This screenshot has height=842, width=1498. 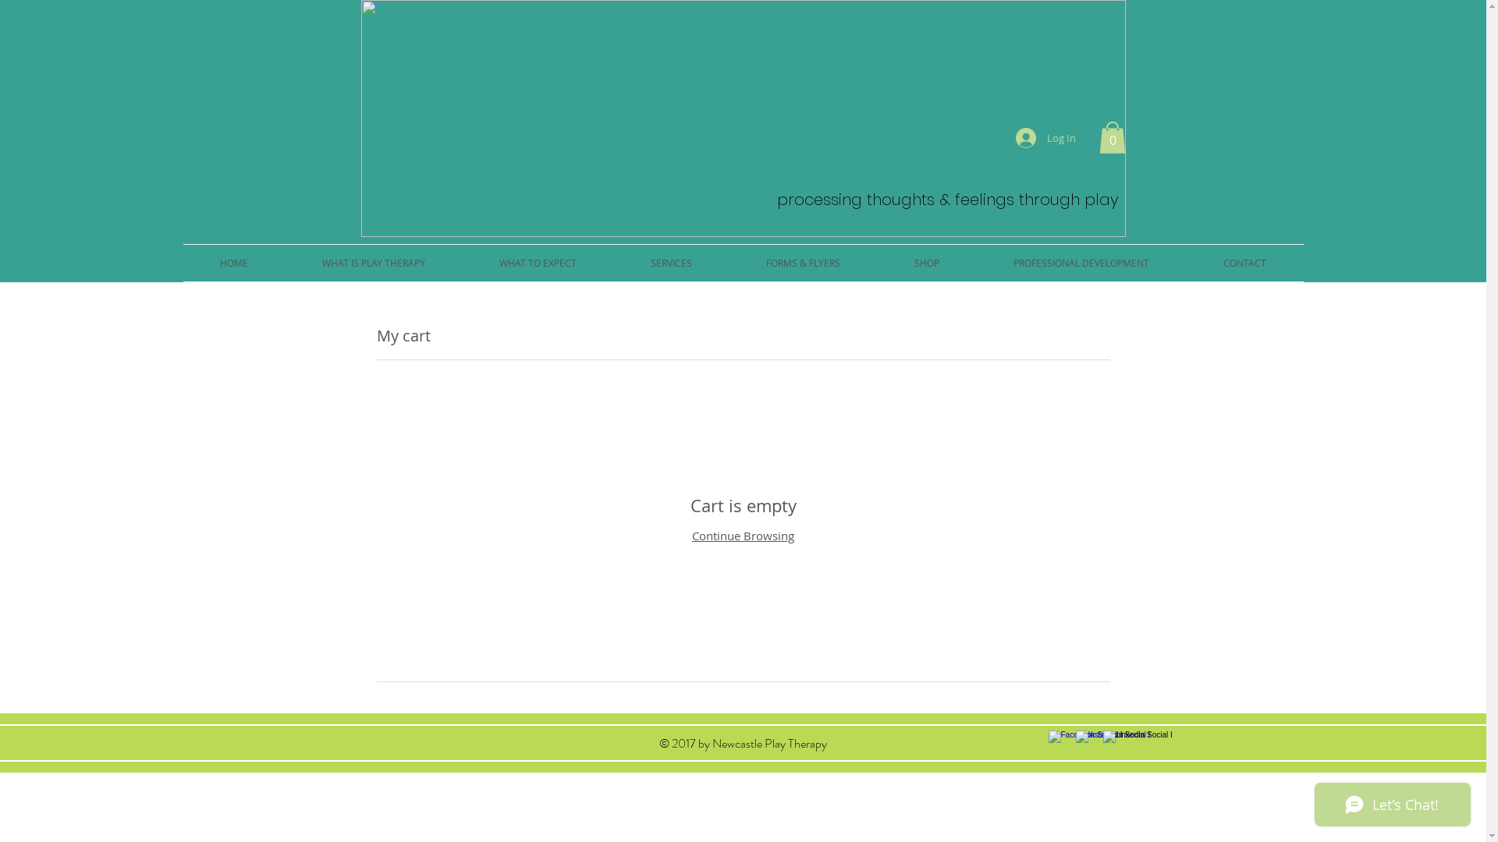 I want to click on 'SERVICES', so click(x=670, y=262).